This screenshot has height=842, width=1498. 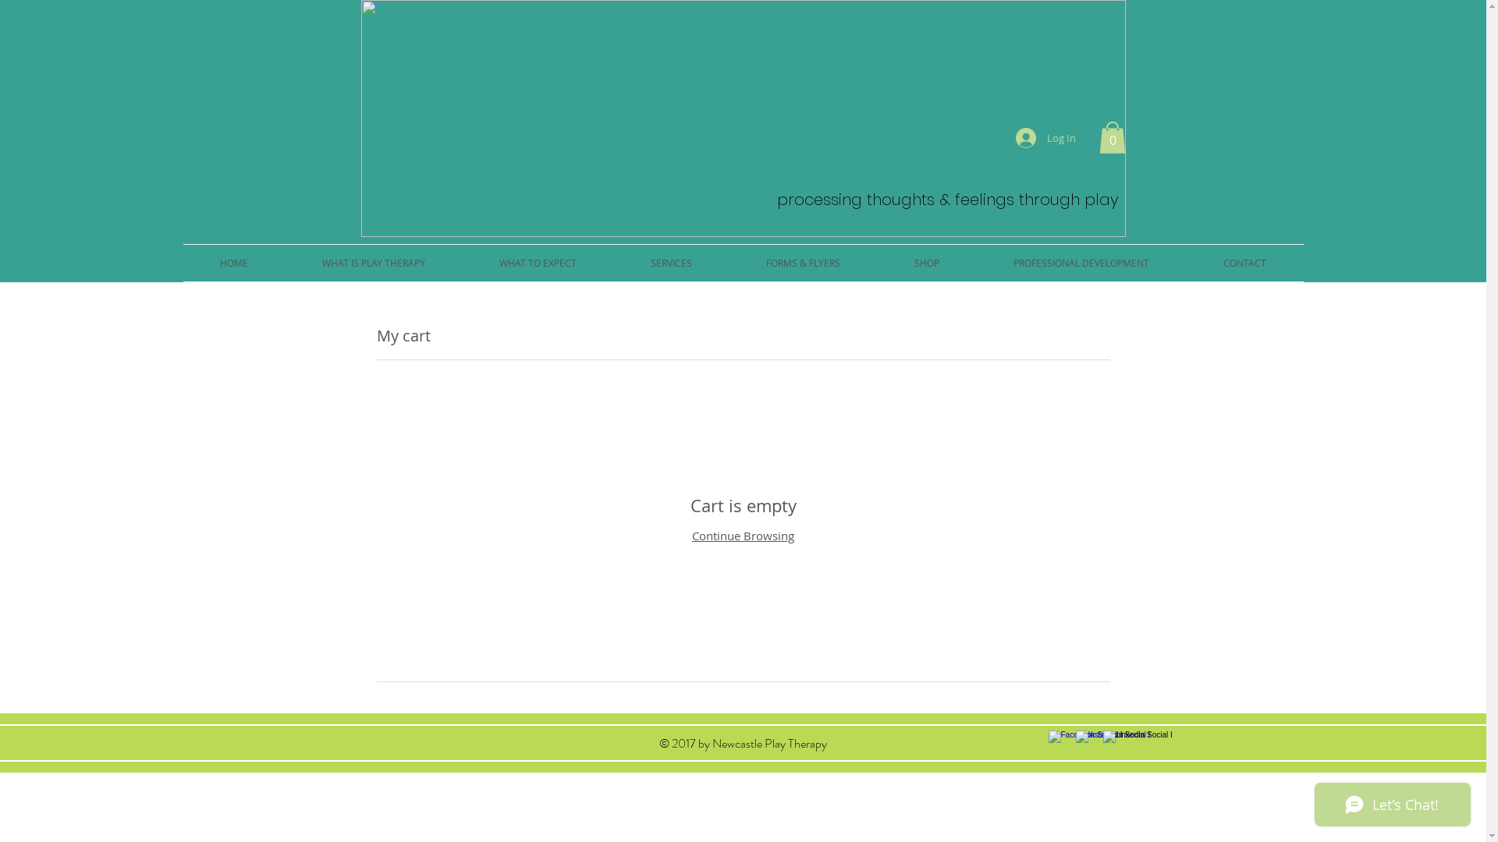 I want to click on 'SERVICES', so click(x=670, y=262).